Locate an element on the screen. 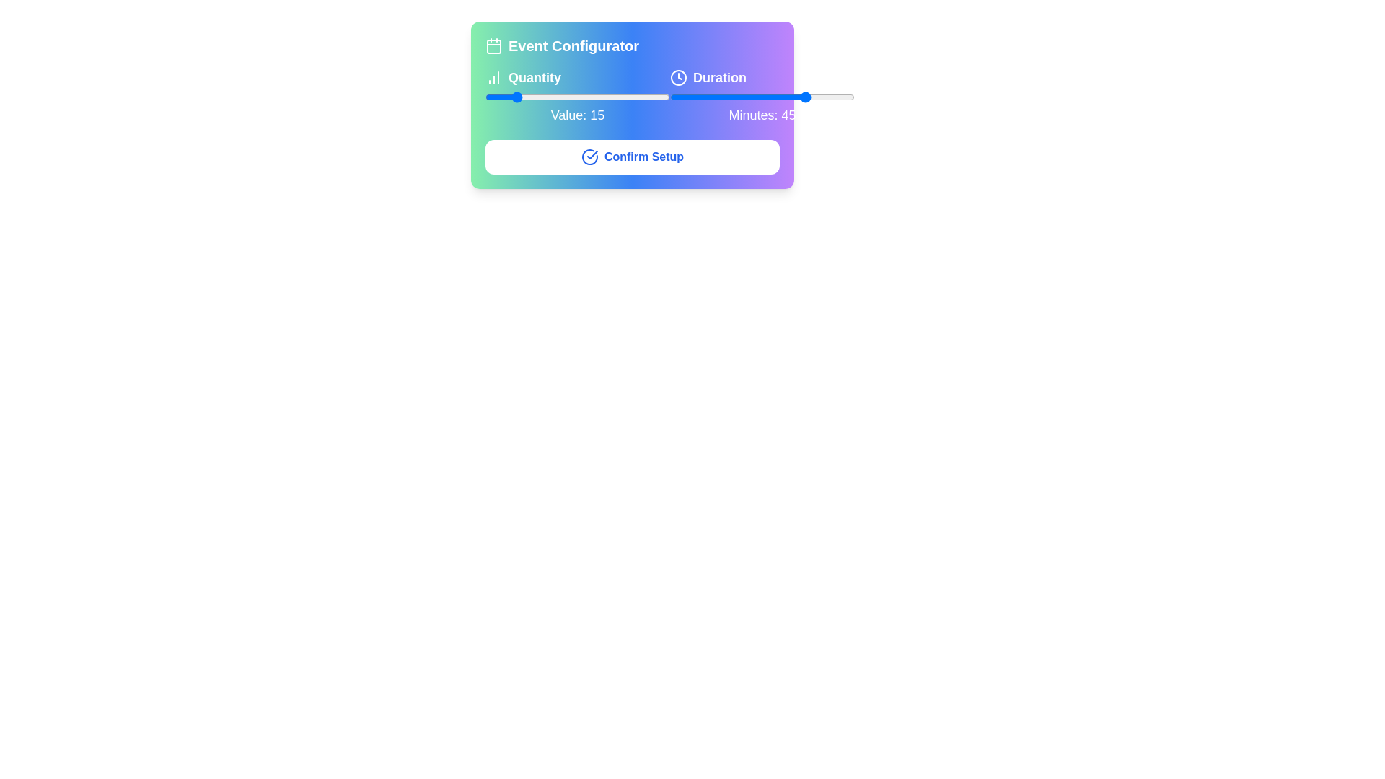 This screenshot has width=1385, height=779. the duration is located at coordinates (669, 97).